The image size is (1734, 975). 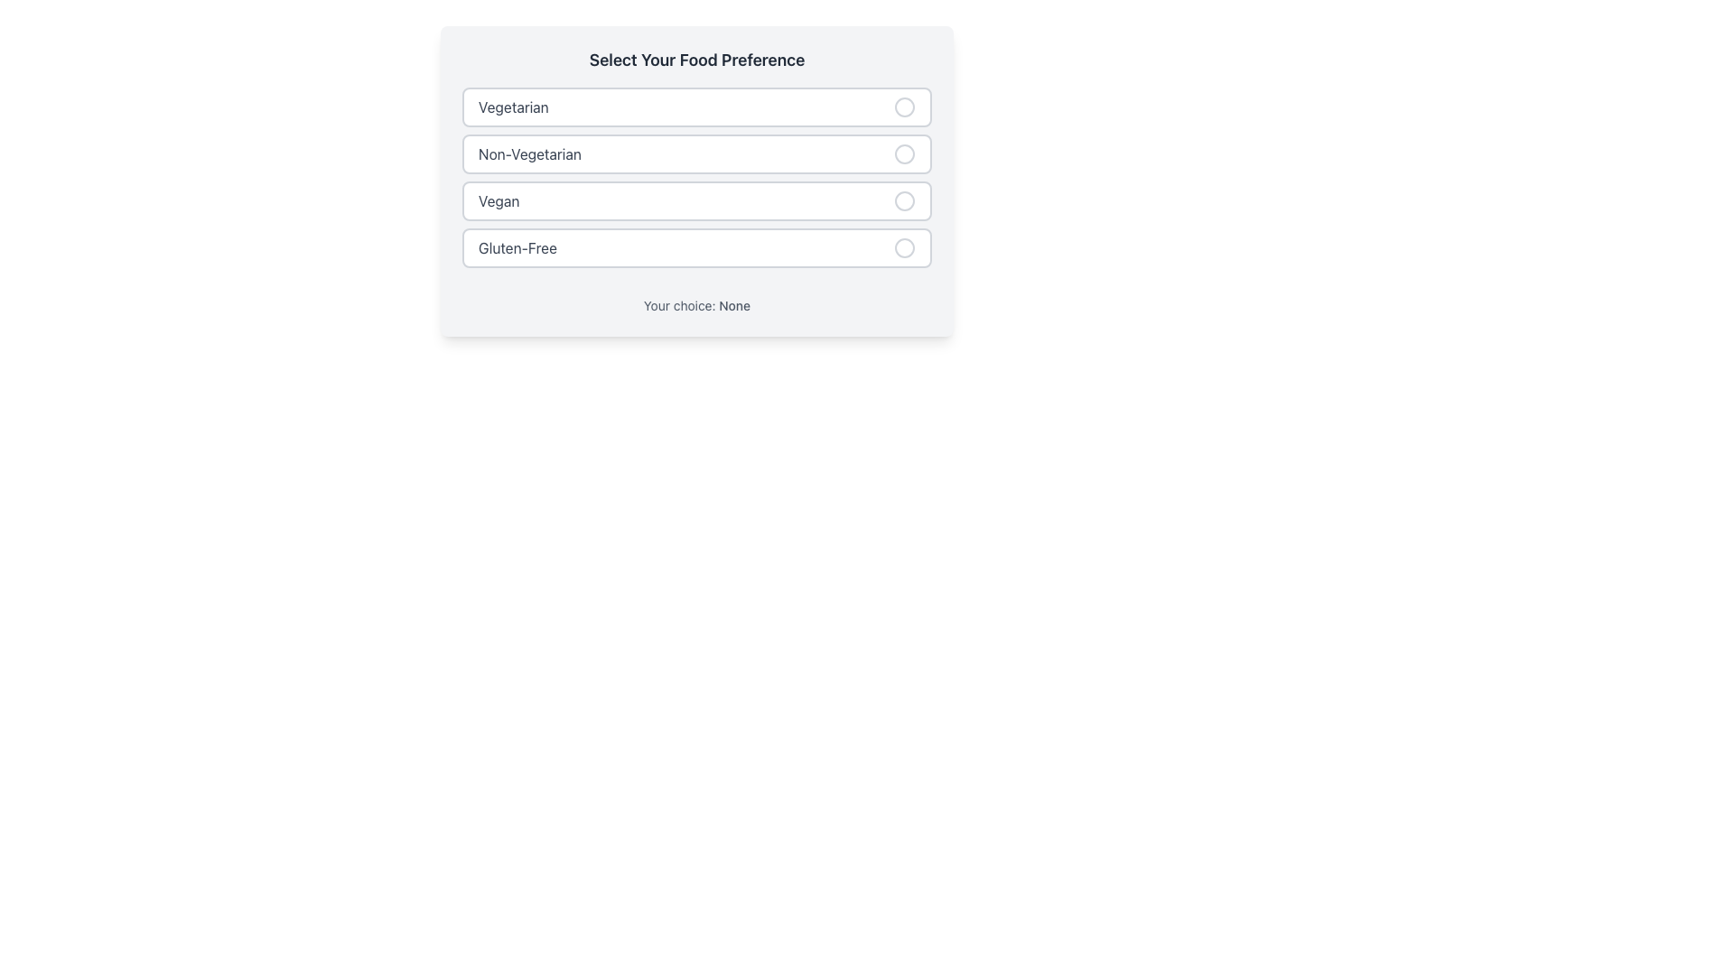 What do you see at coordinates (517, 247) in the screenshot?
I see `'Gluten-Free' dietary option label displayed within the food preferences selection interface` at bounding box center [517, 247].